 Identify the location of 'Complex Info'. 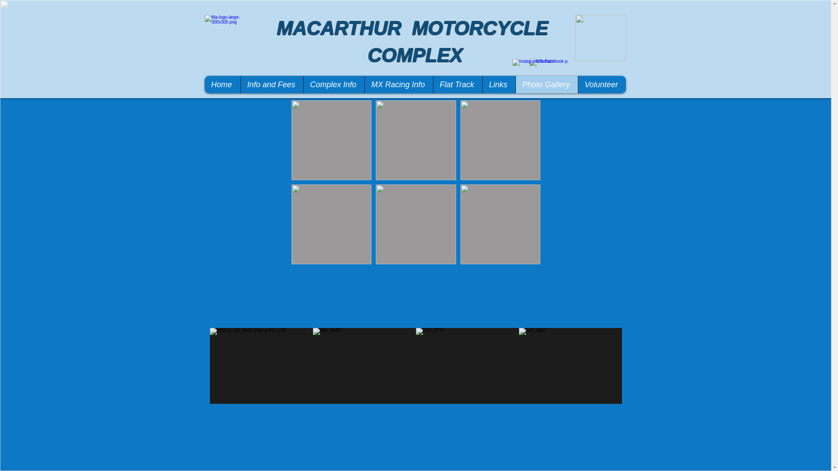
(333, 84).